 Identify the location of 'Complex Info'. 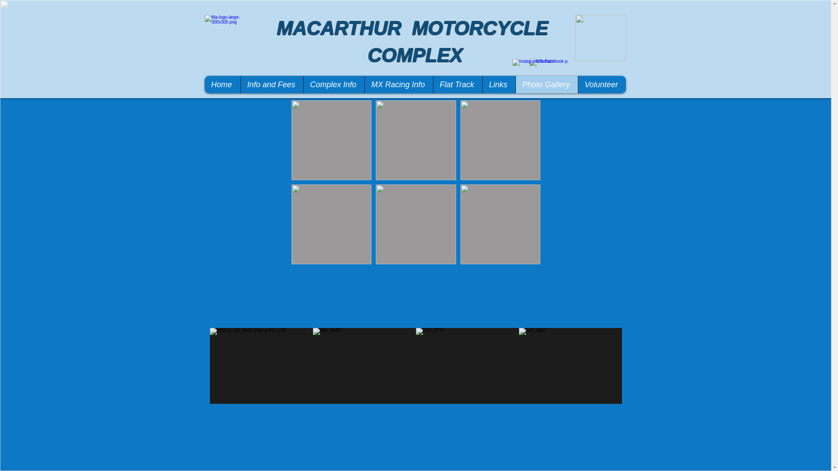
(333, 84).